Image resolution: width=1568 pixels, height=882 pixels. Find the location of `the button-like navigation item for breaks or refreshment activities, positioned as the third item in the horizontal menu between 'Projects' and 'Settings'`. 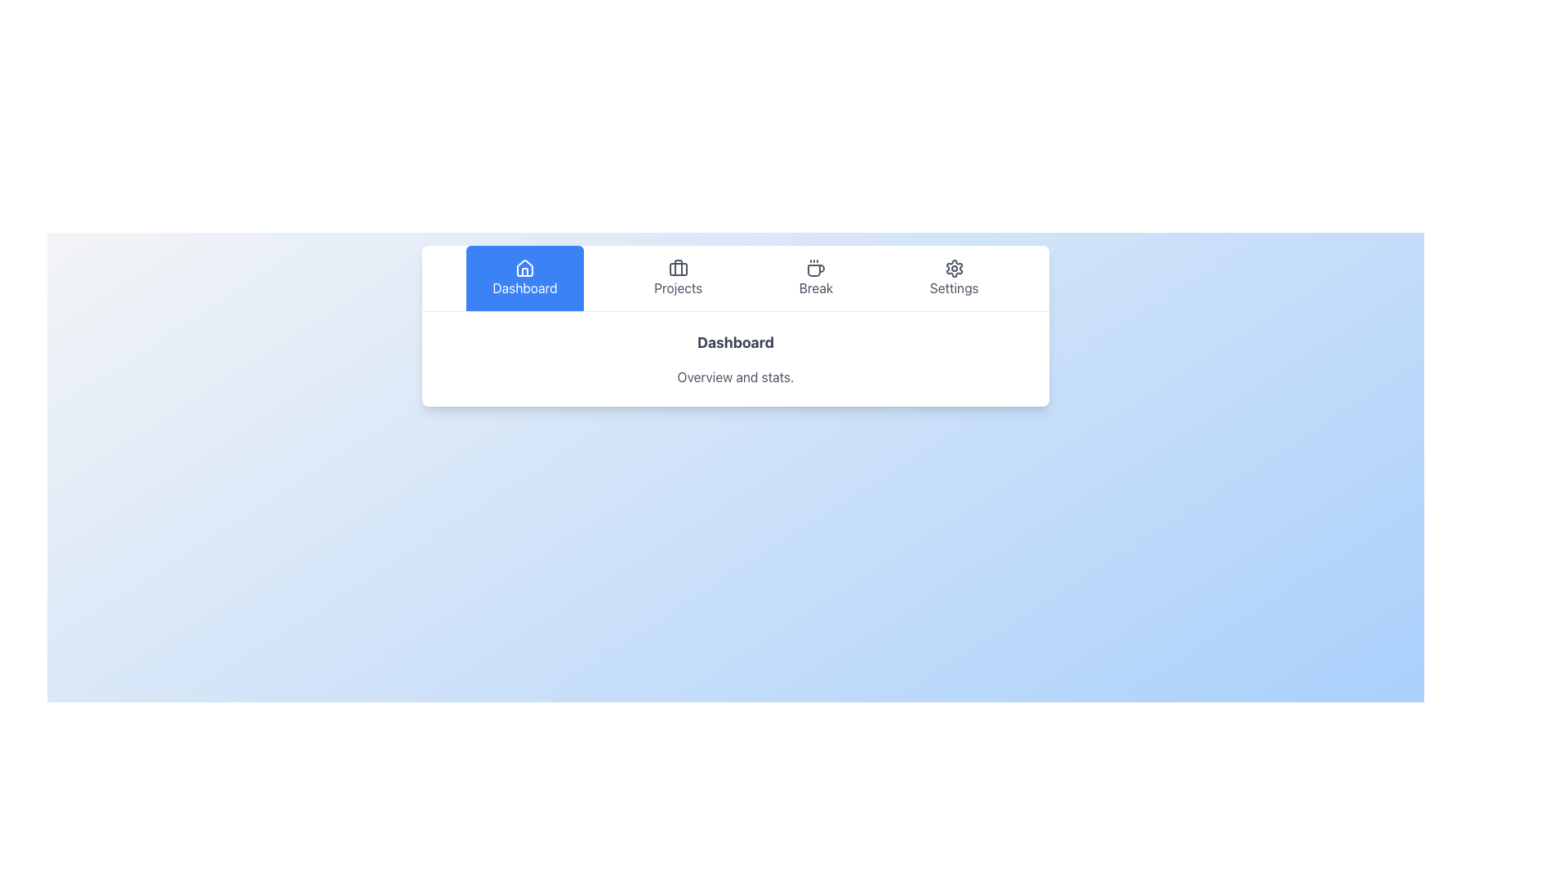

the button-like navigation item for breaks or refreshment activities, positioned as the third item in the horizontal menu between 'Projects' and 'Settings' is located at coordinates (816, 277).